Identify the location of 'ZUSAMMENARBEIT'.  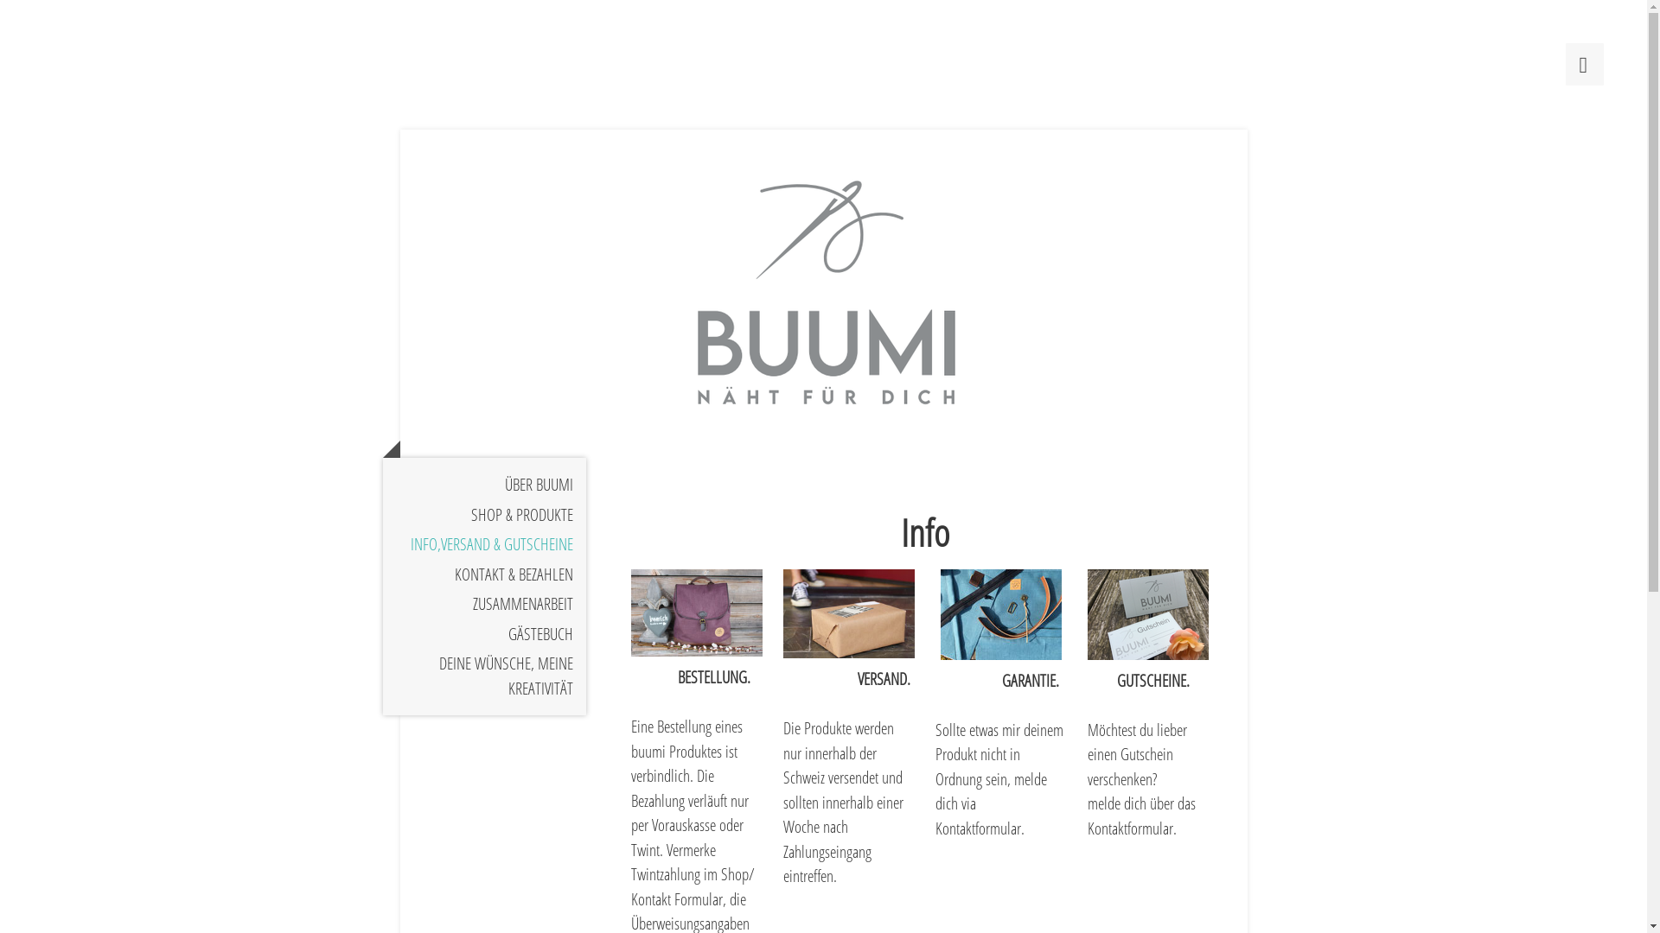
(483, 603).